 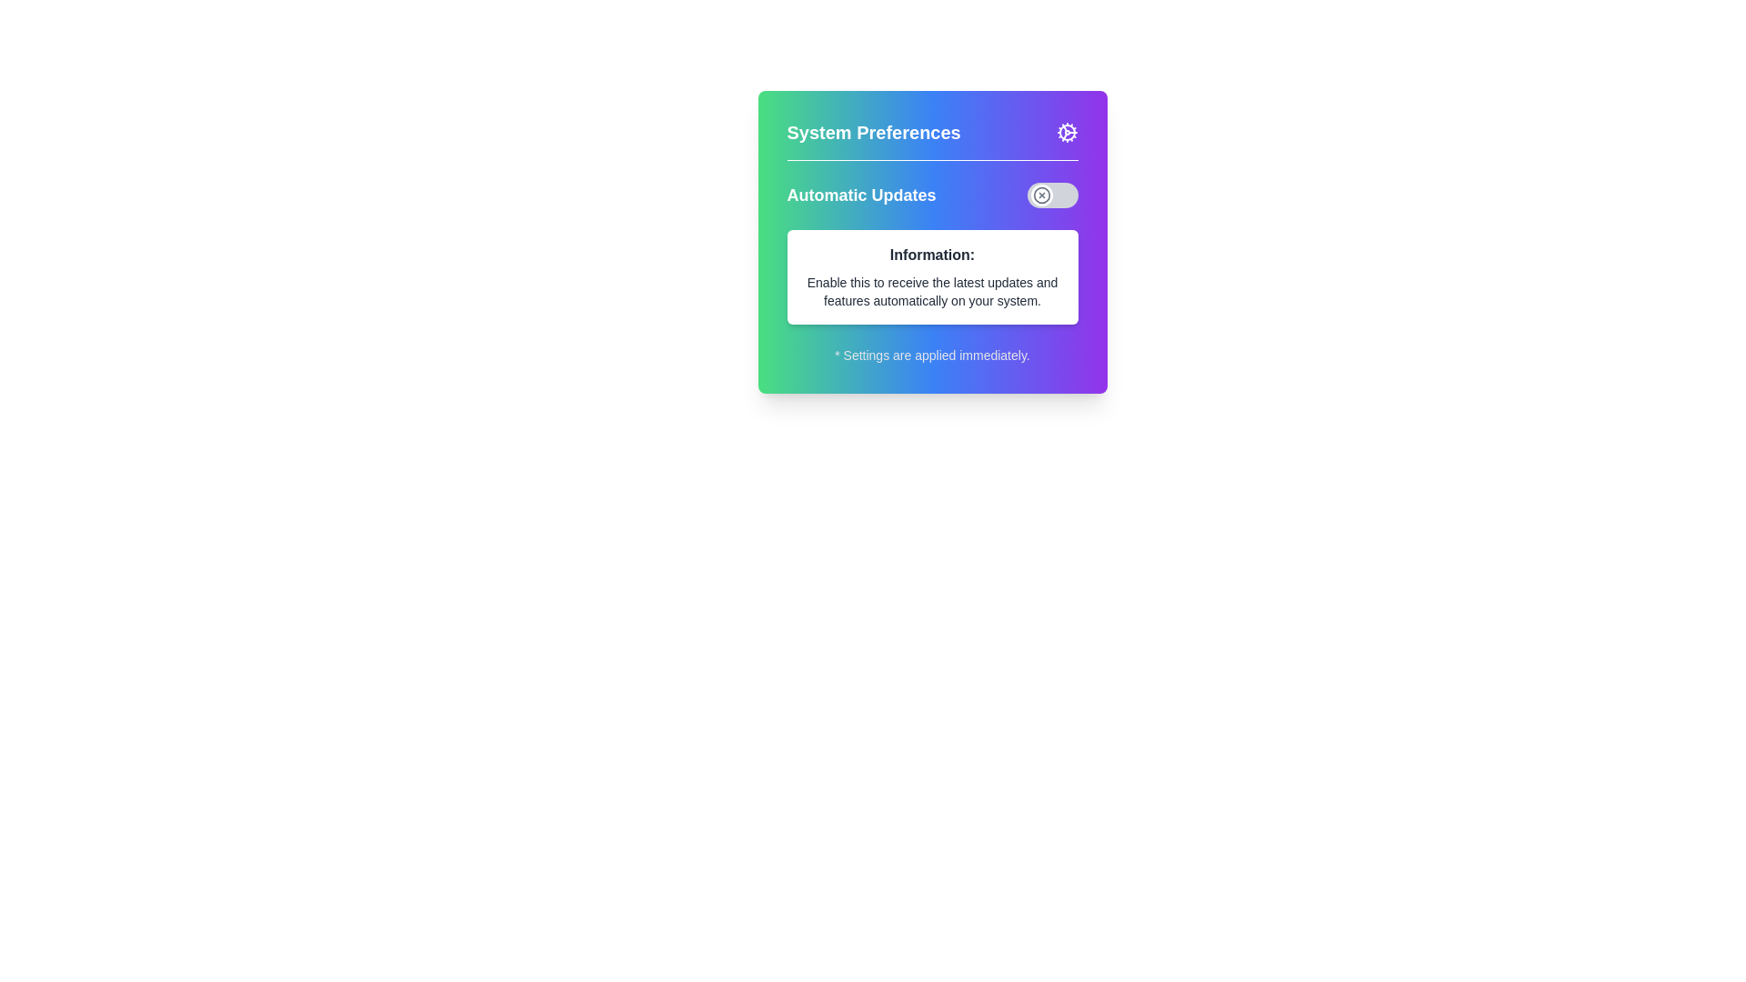 What do you see at coordinates (932, 355) in the screenshot?
I see `the static text that reads '* Settings are applied immediately.' displayed in grey font at the bottom of the section with a gradient background transitioning from green to purple` at bounding box center [932, 355].